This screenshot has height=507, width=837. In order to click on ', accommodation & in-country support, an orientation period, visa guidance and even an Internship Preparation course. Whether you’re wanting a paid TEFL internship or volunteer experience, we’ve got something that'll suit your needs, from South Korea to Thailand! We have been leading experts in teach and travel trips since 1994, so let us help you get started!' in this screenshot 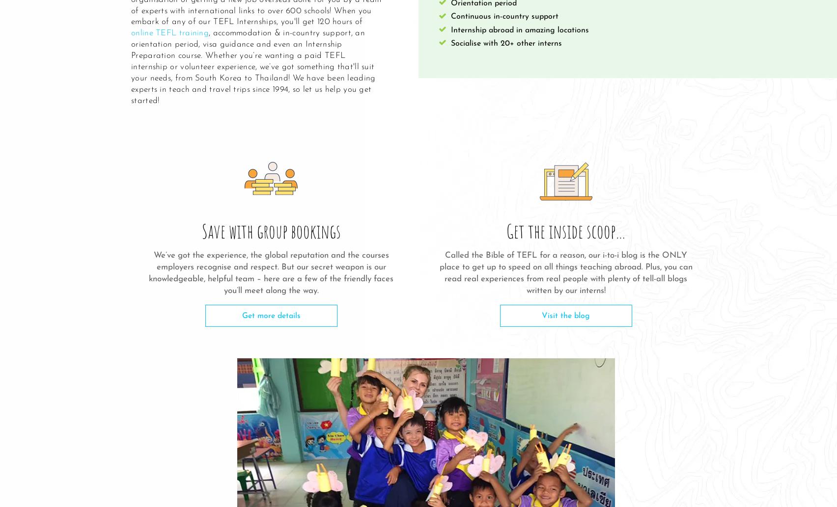, I will do `click(253, 67)`.